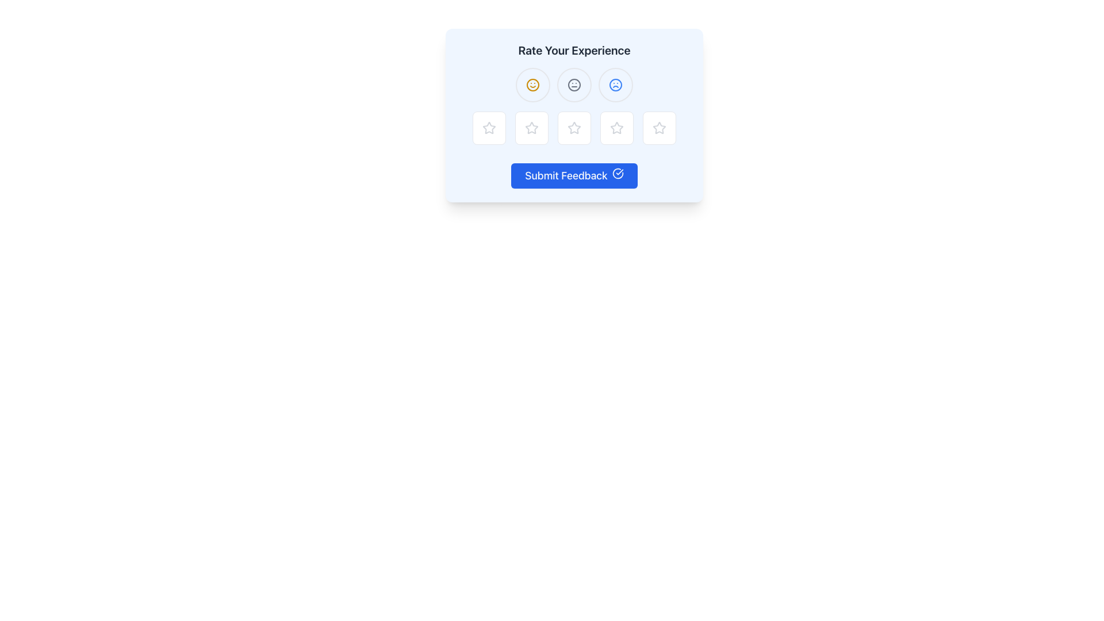 This screenshot has height=621, width=1104. Describe the element at coordinates (617, 173) in the screenshot. I see `the checkmark icon enclosed within a circle, located to the right of the 'Submit Feedback' button` at that location.